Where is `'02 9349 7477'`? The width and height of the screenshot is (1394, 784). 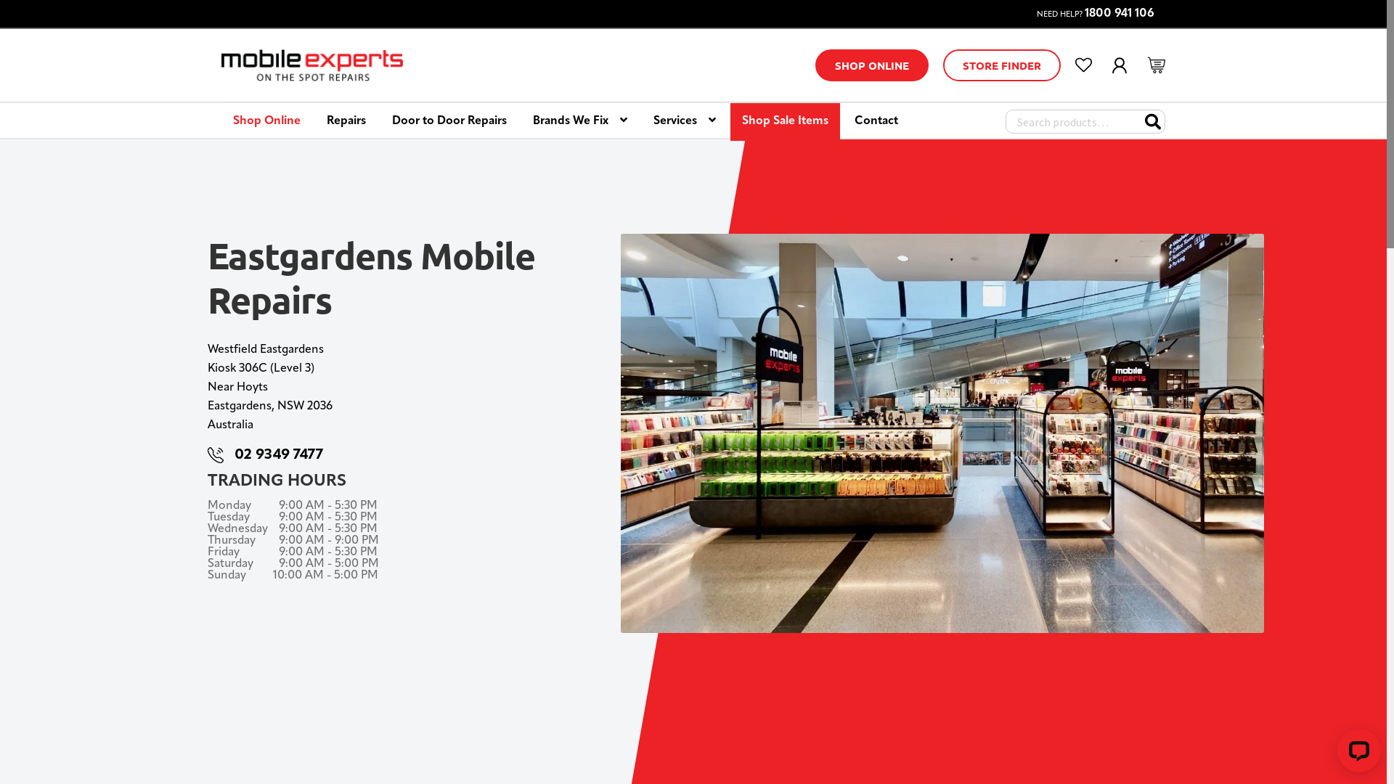
'02 9349 7477' is located at coordinates (279, 454).